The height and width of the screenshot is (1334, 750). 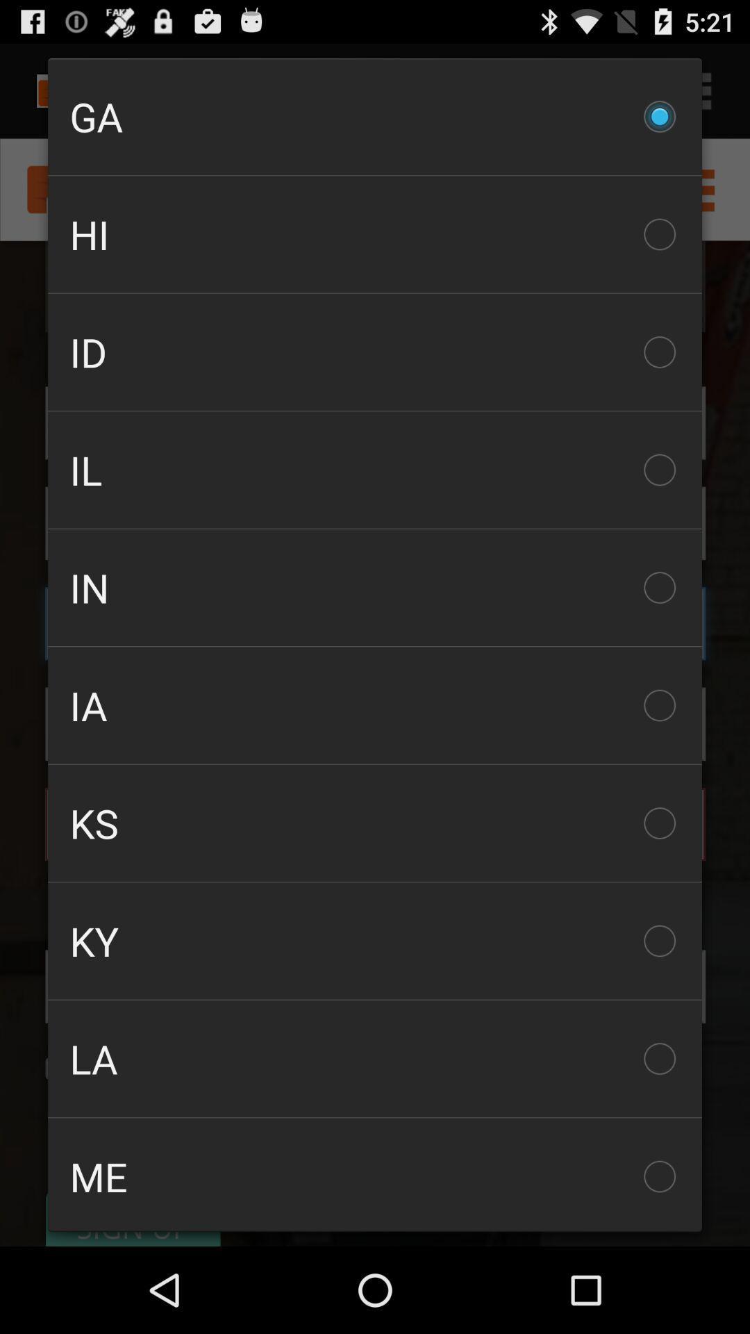 I want to click on the hi, so click(x=375, y=234).